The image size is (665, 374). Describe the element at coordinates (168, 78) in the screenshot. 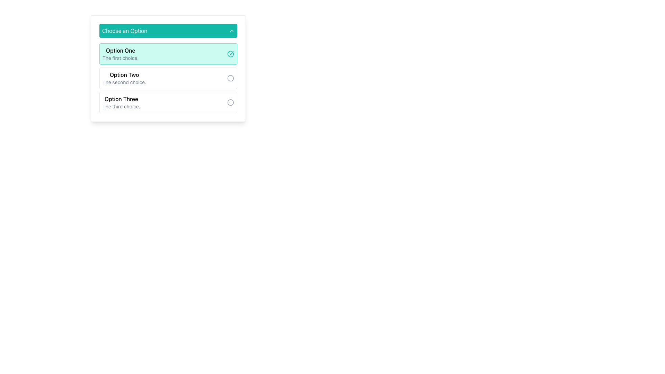

I see `to select the selectable item labeled 'Option Two', which is the second choice in a list of options` at that location.